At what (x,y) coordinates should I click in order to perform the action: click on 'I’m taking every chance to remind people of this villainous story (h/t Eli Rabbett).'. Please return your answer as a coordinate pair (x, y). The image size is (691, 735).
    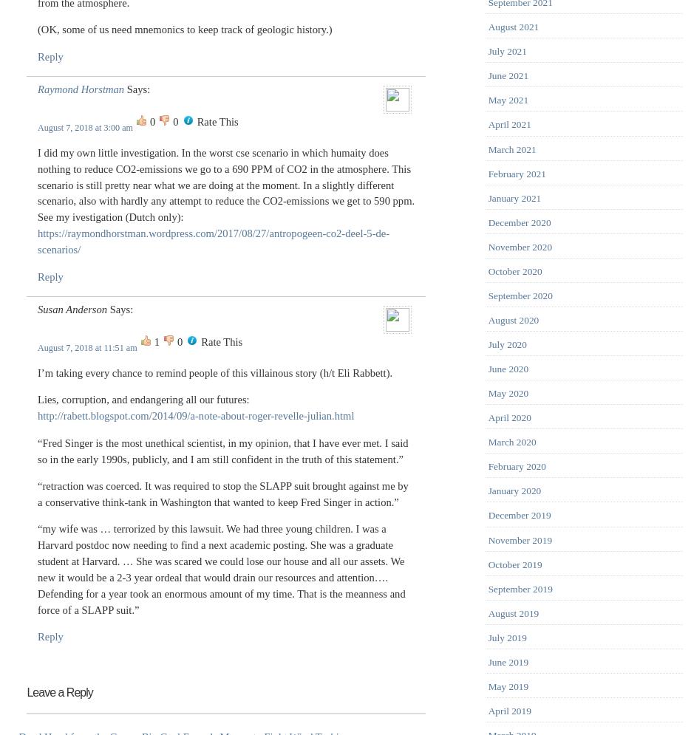
    Looking at the image, I should click on (214, 371).